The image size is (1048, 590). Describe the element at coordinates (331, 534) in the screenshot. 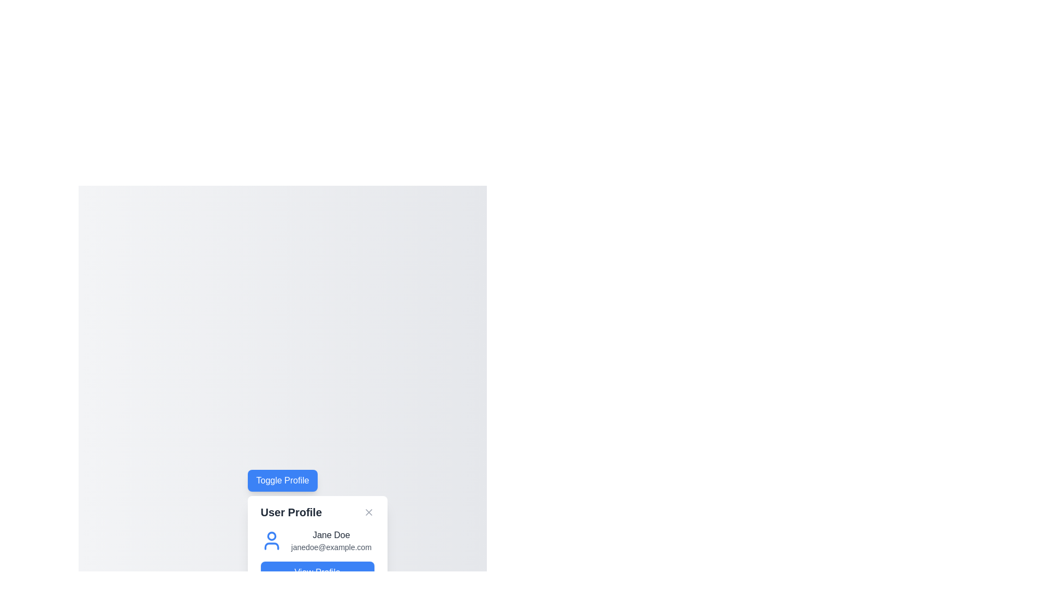

I see `displayed text from the user display name text label located in the 'User Profile' popup, positioned beneath the title 'User Profile' and above the email text 'janedoe@example.com'` at that location.